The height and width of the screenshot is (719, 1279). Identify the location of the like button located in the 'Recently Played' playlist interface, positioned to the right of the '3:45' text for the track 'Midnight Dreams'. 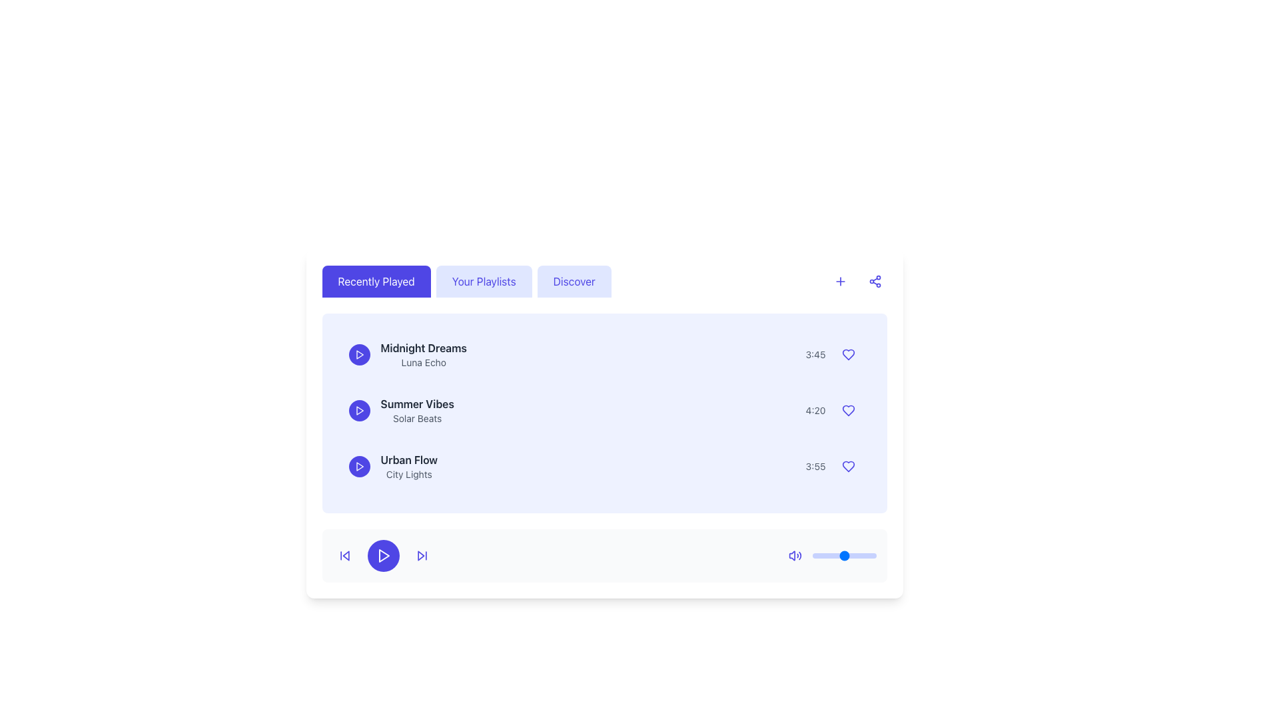
(847, 354).